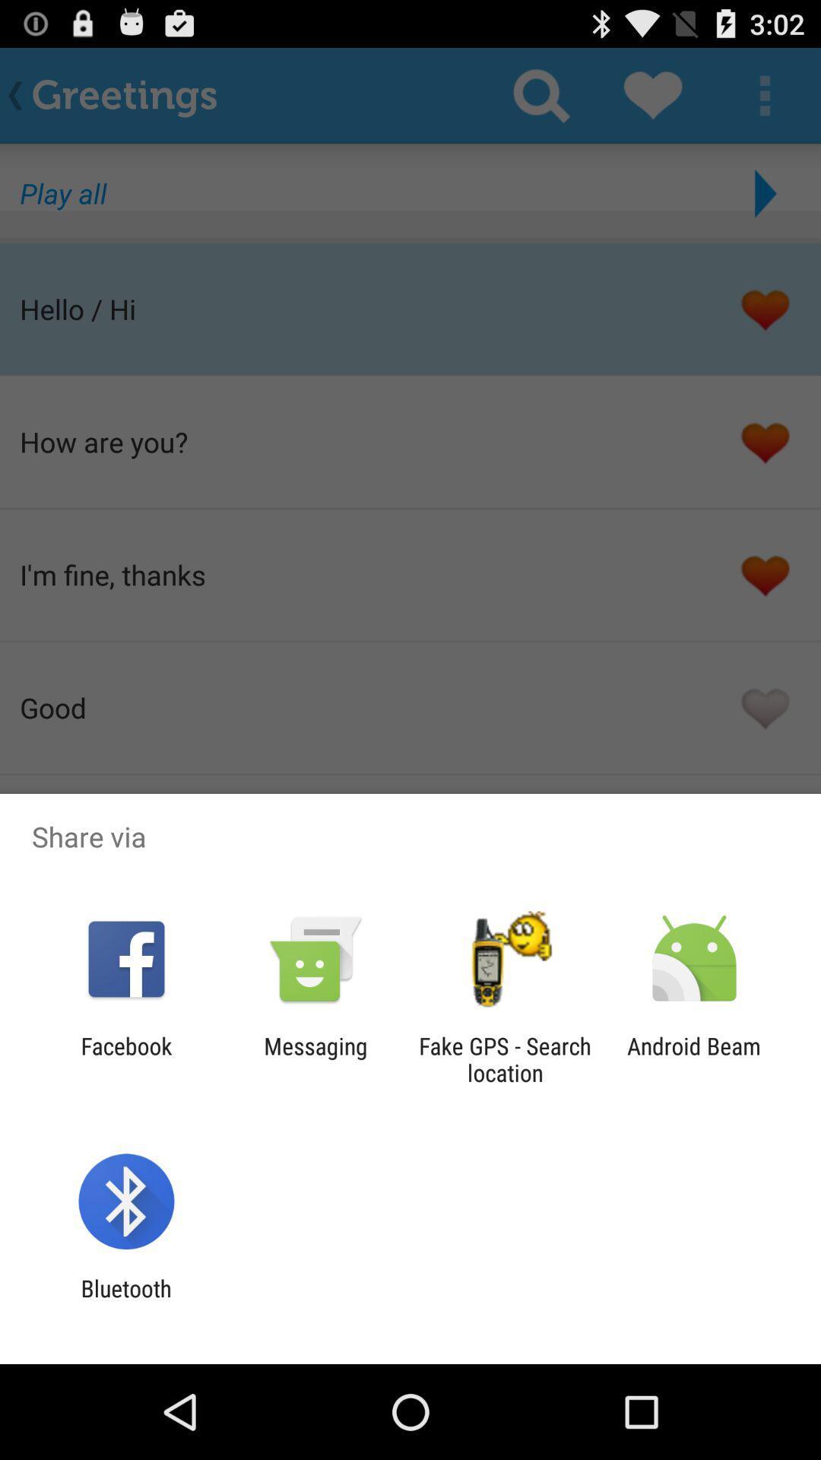 The width and height of the screenshot is (821, 1460). Describe the element at coordinates (505, 1058) in the screenshot. I see `the icon to the right of messaging item` at that location.